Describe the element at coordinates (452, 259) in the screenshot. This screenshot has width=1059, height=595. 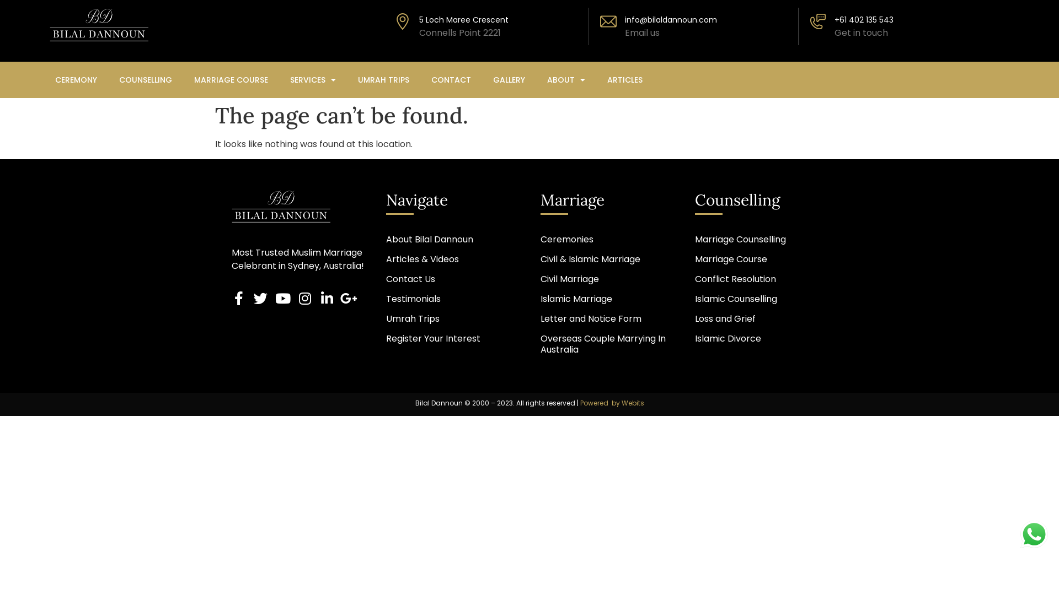
I see `'Articles & Videos'` at that location.